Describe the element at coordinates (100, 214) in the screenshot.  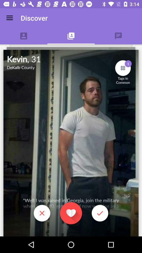
I see `the check icon` at that location.